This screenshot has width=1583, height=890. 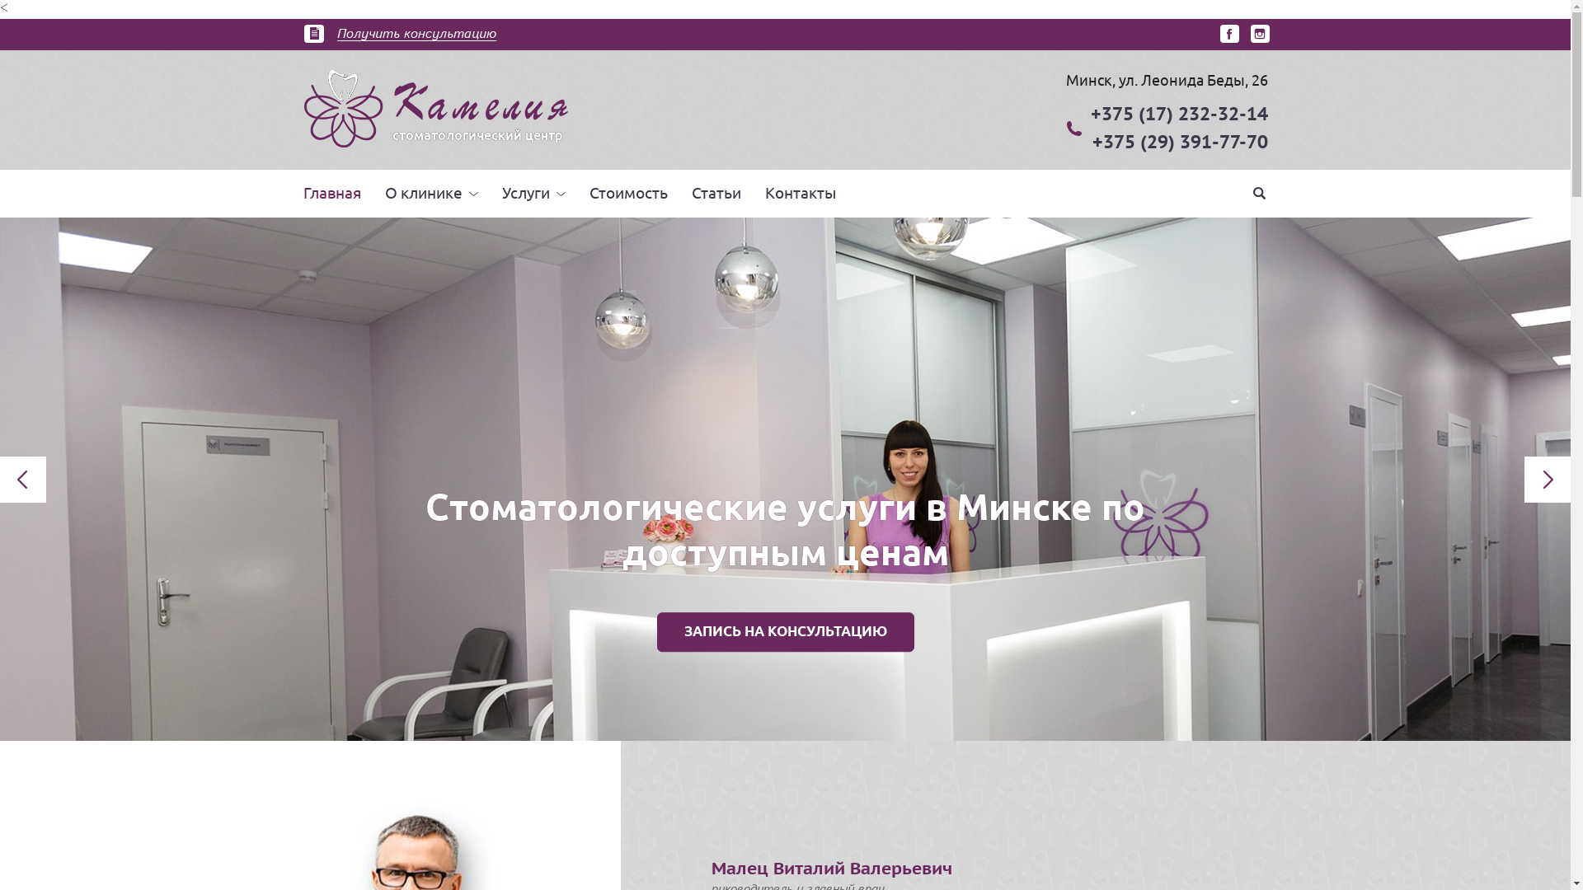 What do you see at coordinates (1178, 141) in the screenshot?
I see `'+375 (29) 391-77-70'` at bounding box center [1178, 141].